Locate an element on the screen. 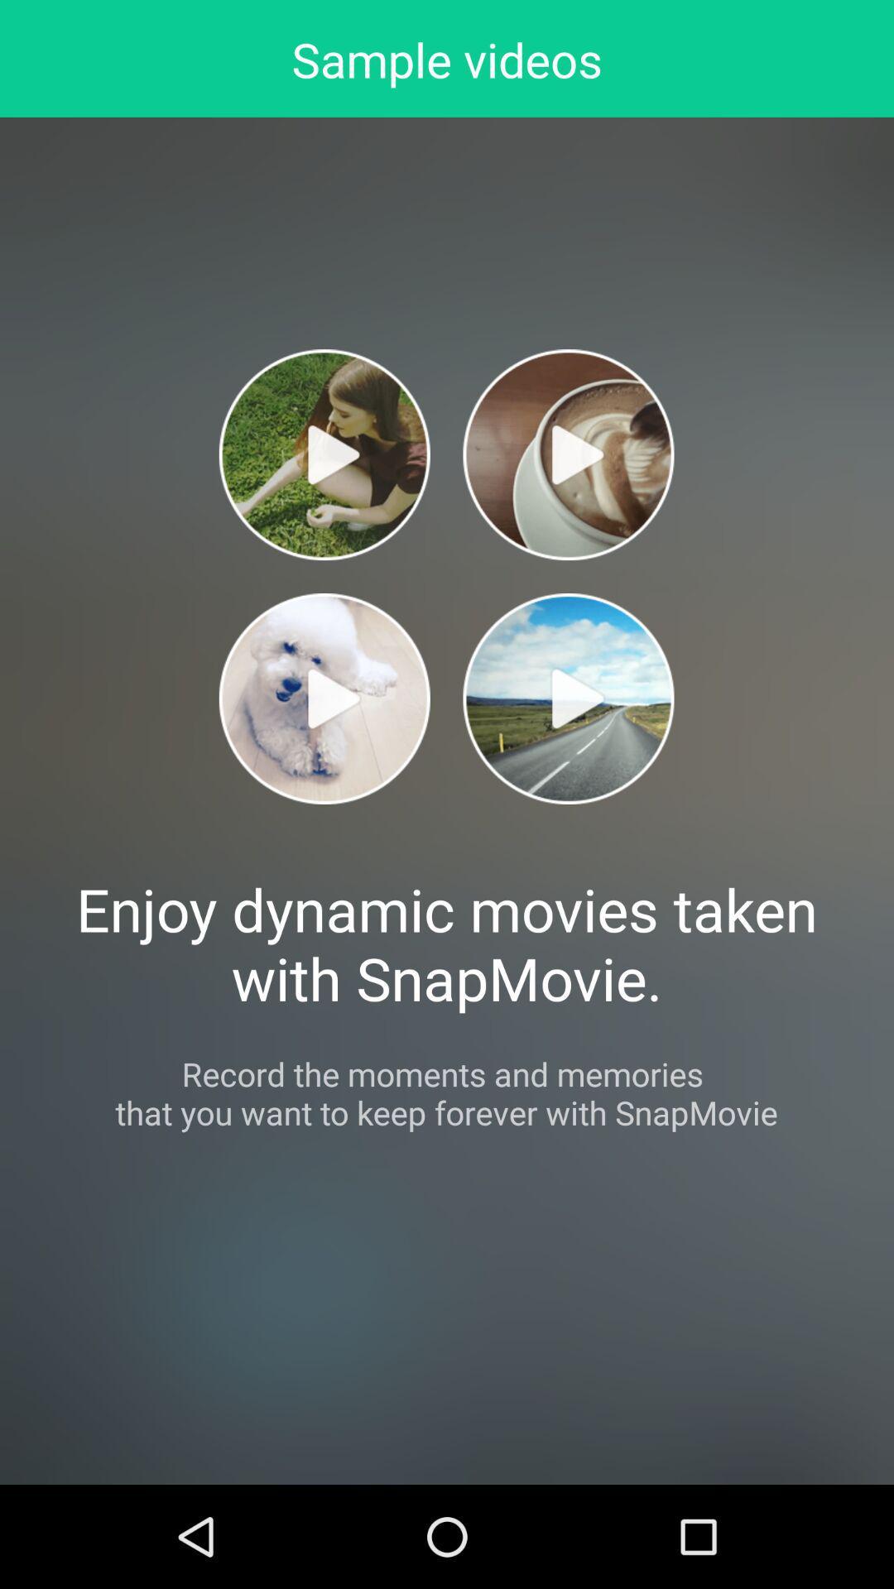 The width and height of the screenshot is (894, 1589). sample video is located at coordinates (567, 454).